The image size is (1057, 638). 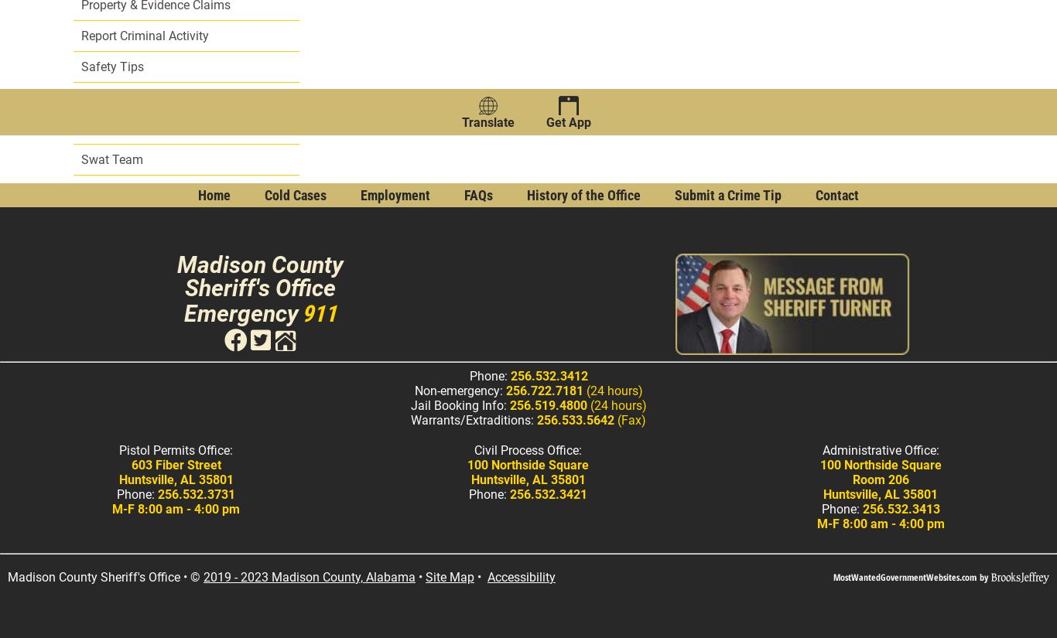 What do you see at coordinates (175, 449) in the screenshot?
I see `'Pistol Permits Office:'` at bounding box center [175, 449].